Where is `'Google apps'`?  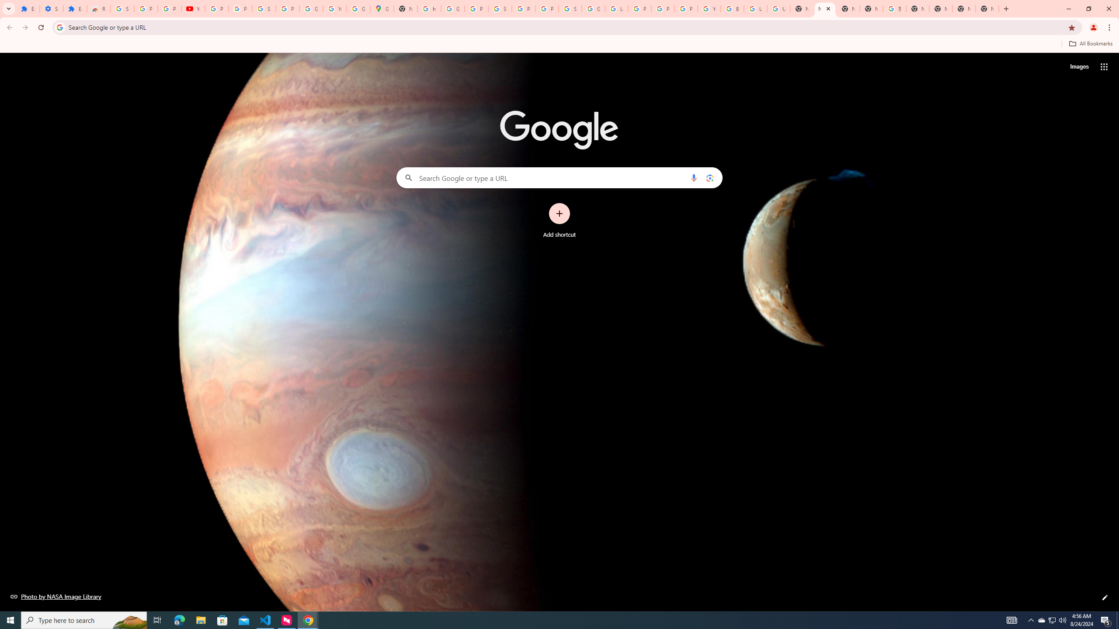 'Google apps' is located at coordinates (1104, 66).